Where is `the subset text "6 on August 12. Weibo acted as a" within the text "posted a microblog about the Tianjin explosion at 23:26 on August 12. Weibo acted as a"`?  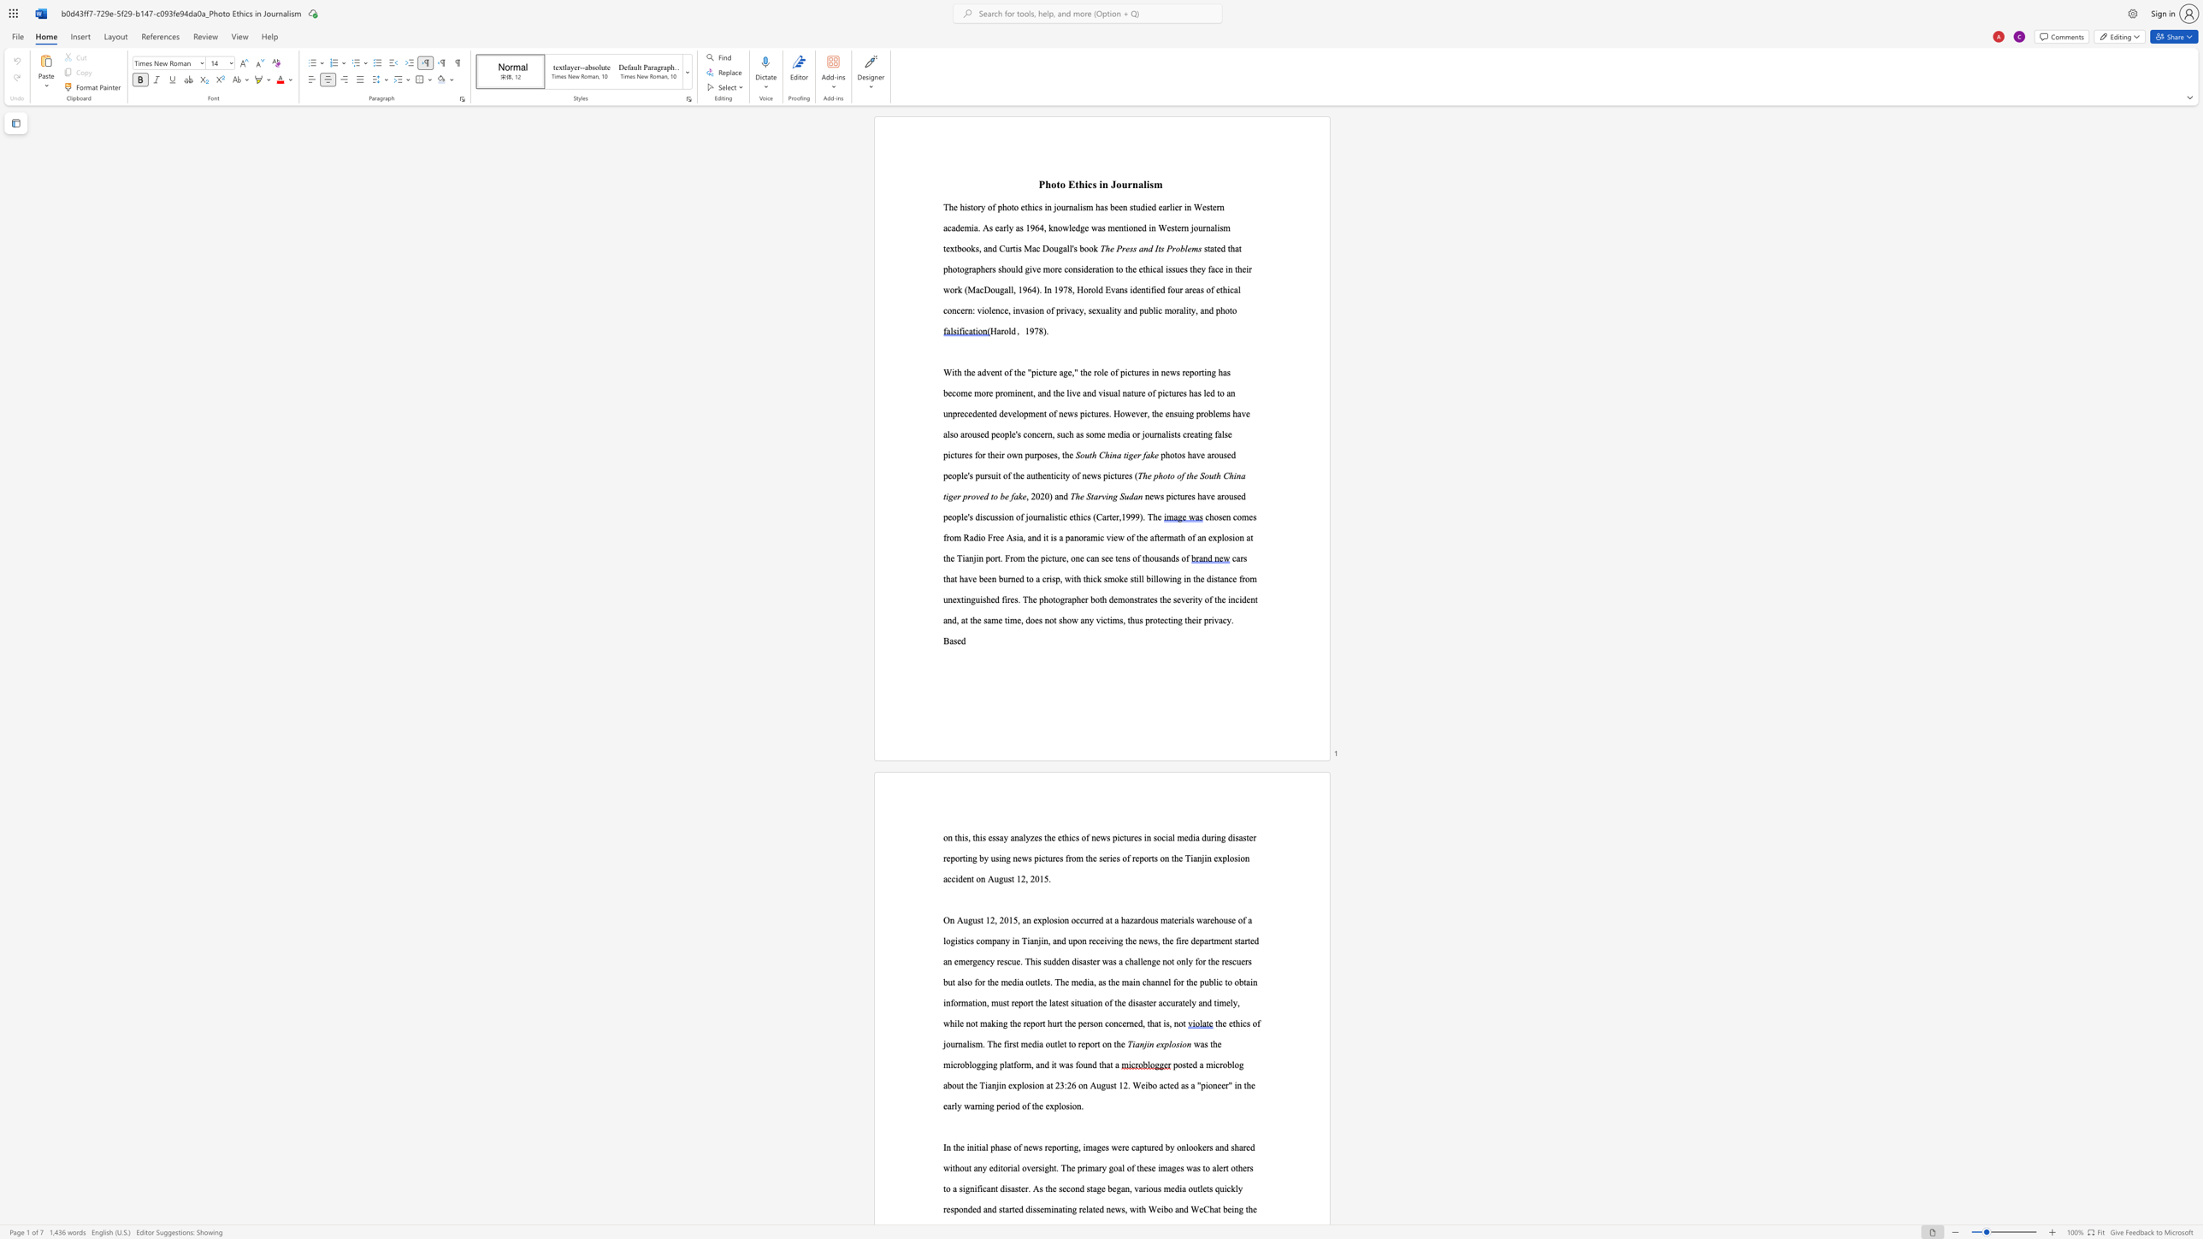 the subset text "6 on August 12. Weibo acted as a" within the text "posted a microblog about the Tianjin explosion at 23:26 on August 12. Weibo acted as a" is located at coordinates (1071, 1084).